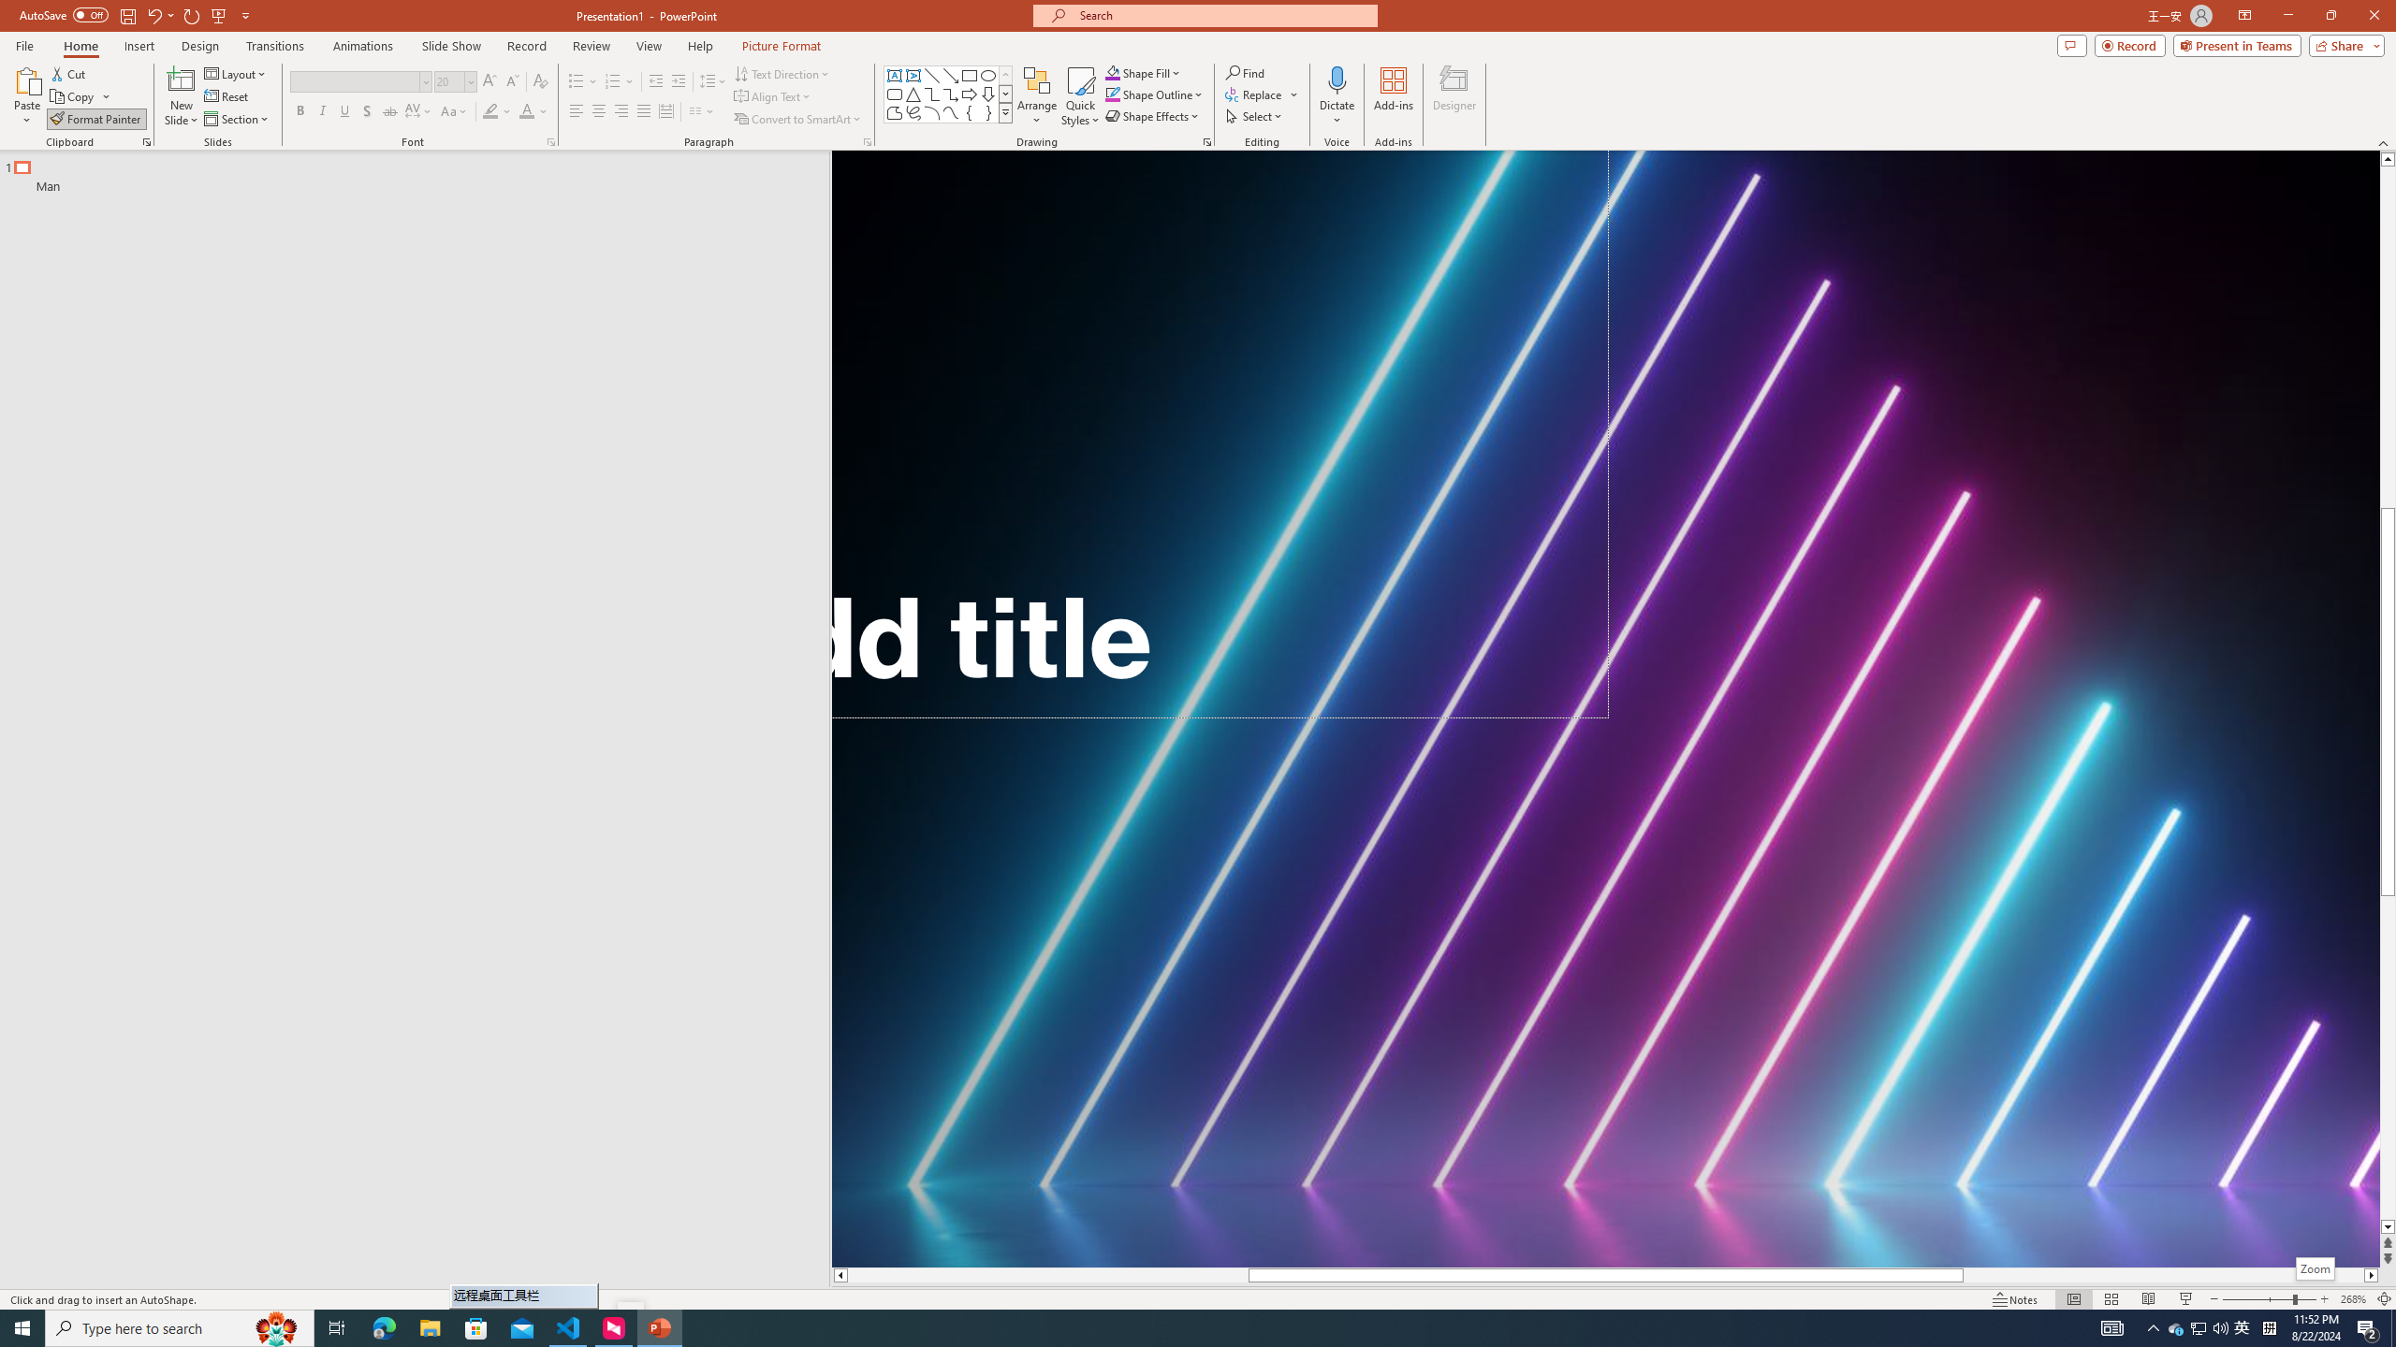 The width and height of the screenshot is (2396, 1347). What do you see at coordinates (782, 46) in the screenshot?
I see `'Picture Format'` at bounding box center [782, 46].